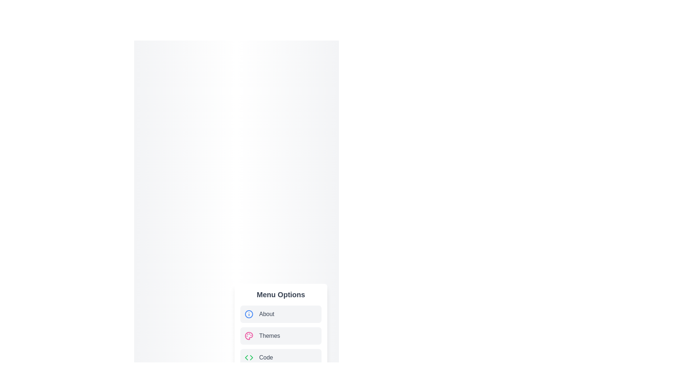  I want to click on text label displaying 'Code' in a bold grey font, which is the last option in a vertical menu layout with a grey background, so click(266, 357).